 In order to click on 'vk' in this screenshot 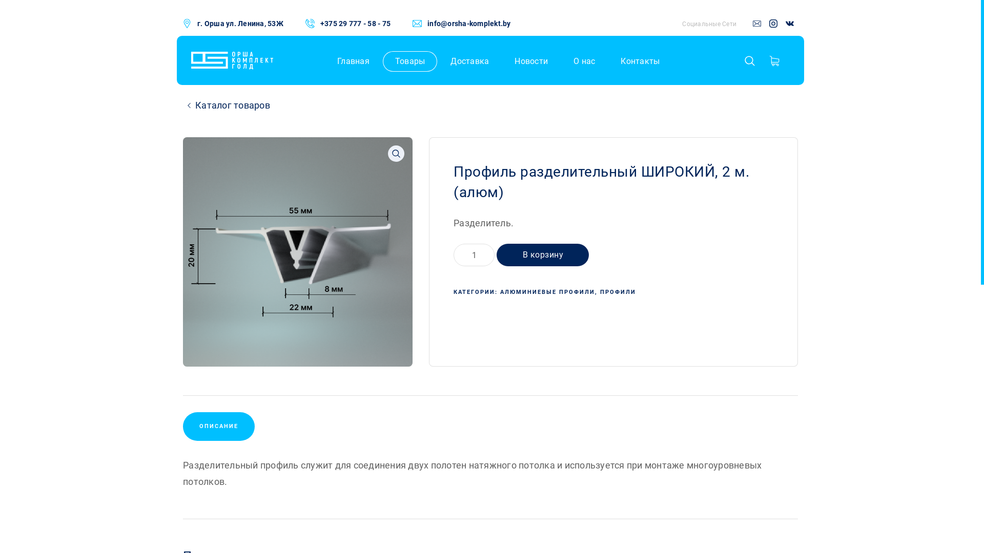, I will do `click(789, 23)`.